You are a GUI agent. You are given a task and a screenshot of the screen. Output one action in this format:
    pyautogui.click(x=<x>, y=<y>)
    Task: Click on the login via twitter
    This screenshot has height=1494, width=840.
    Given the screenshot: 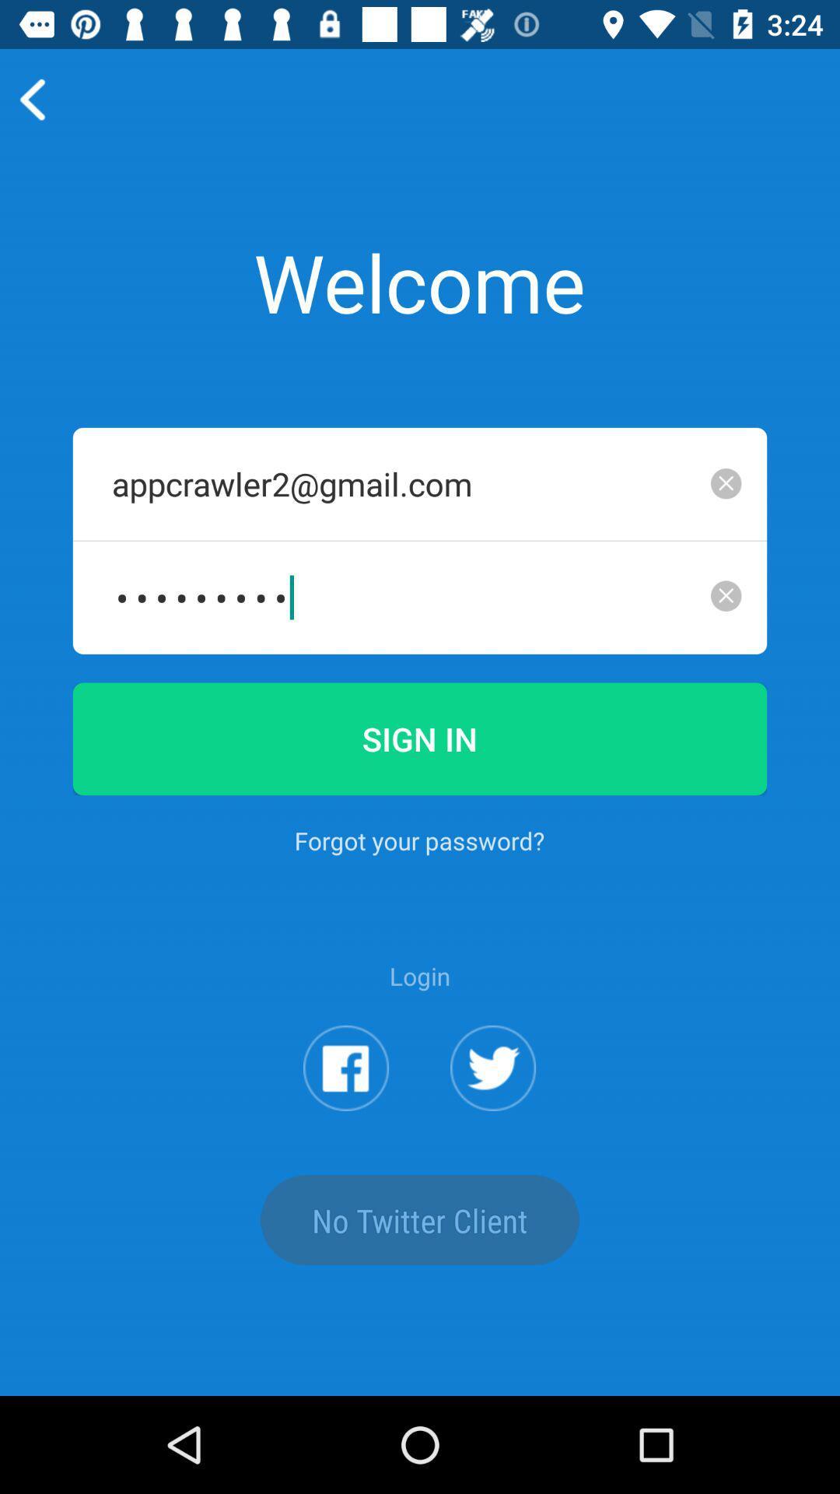 What is the action you would take?
    pyautogui.click(x=493, y=1067)
    